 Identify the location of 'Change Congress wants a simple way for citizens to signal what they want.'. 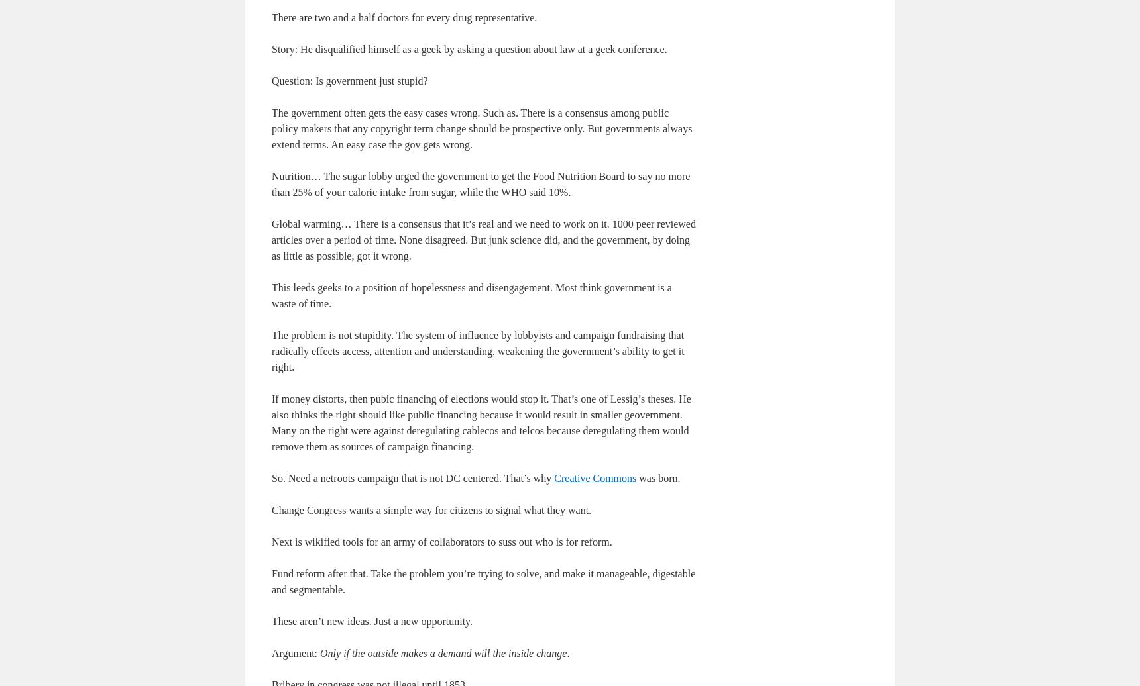
(431, 509).